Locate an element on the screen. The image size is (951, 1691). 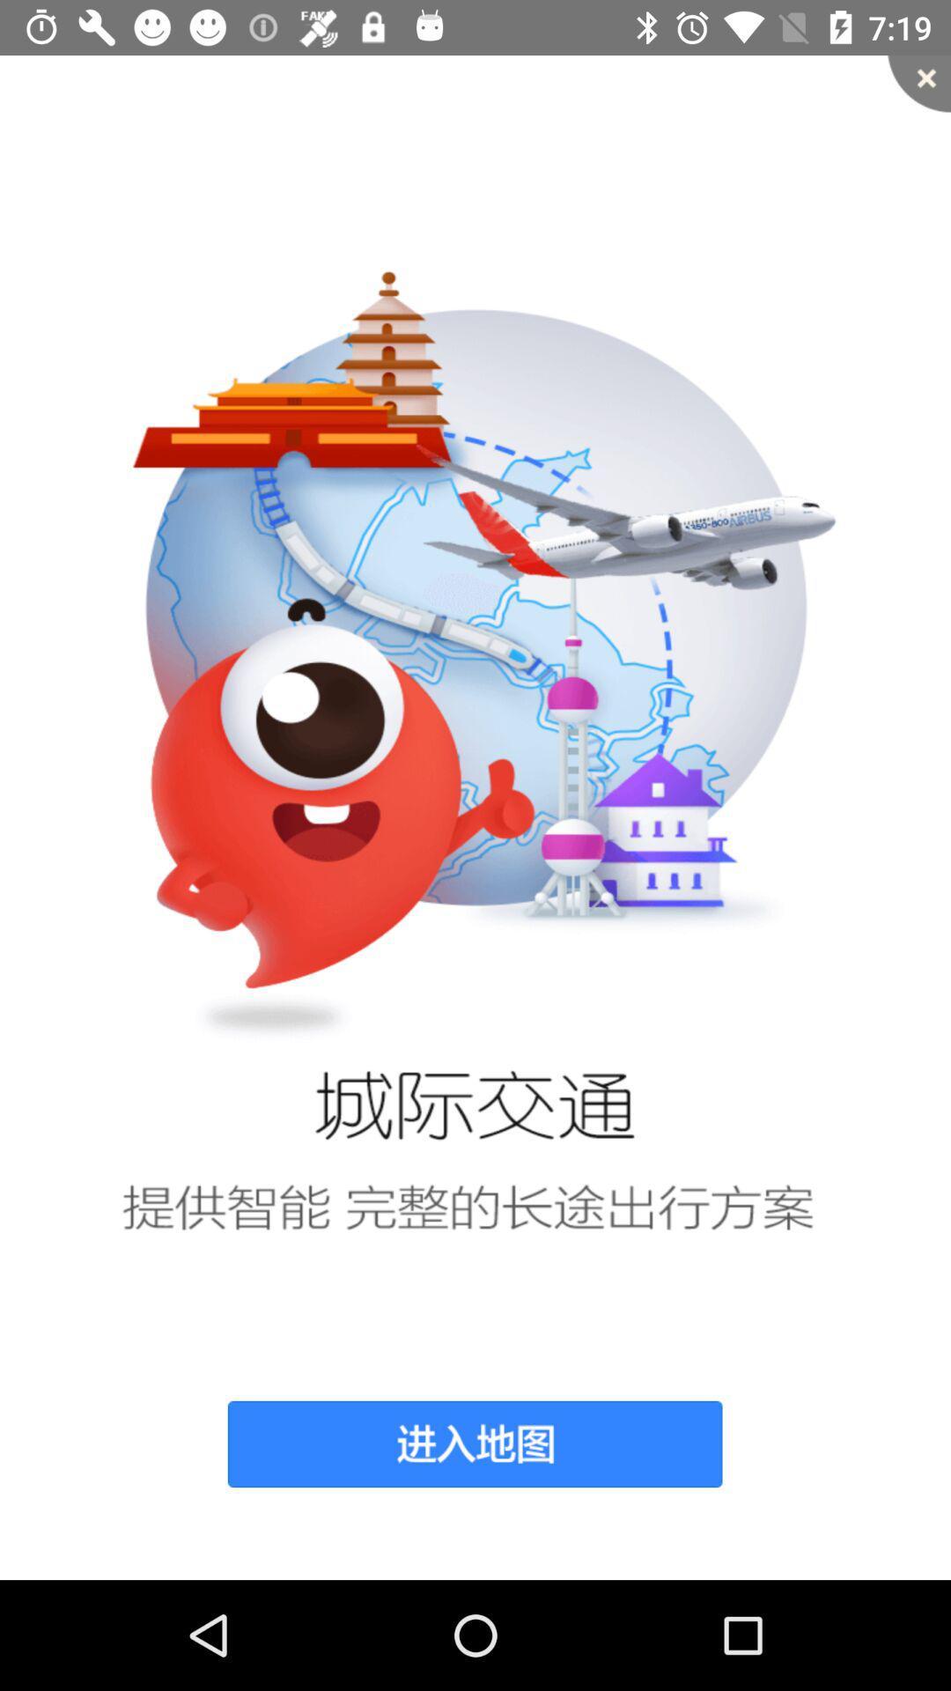
item at the top right corner is located at coordinates (918, 83).